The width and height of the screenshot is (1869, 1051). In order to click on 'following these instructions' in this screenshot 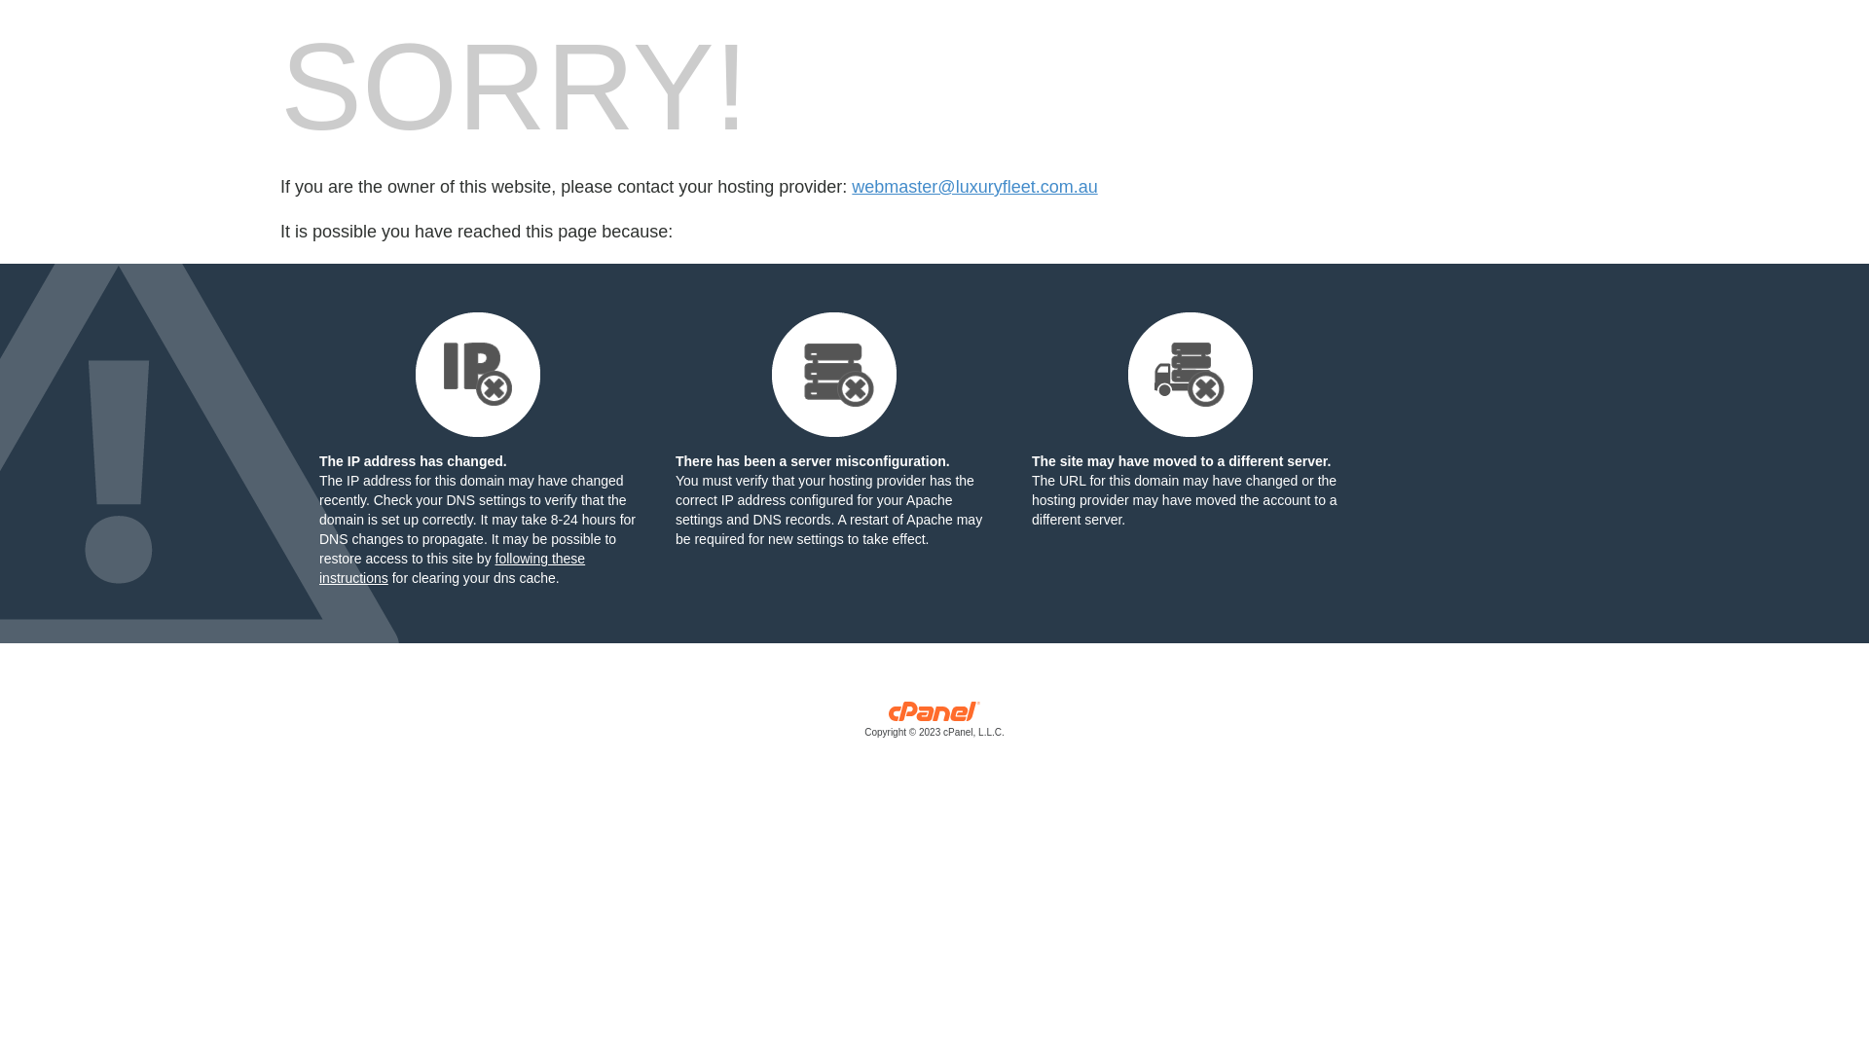, I will do `click(451, 567)`.